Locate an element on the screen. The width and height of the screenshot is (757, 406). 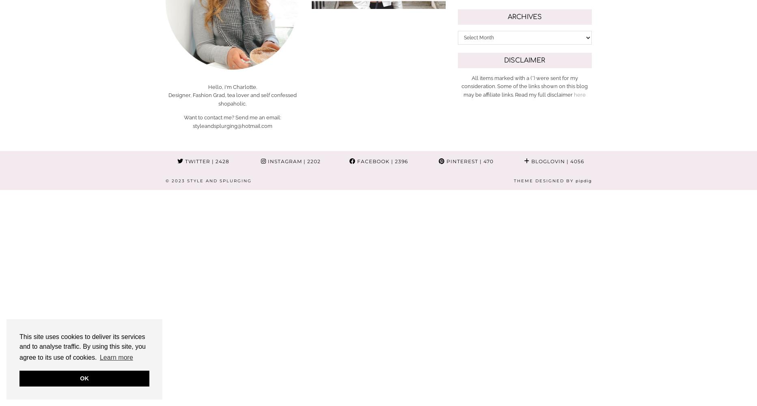
'Style and Splurging' is located at coordinates (219, 180).